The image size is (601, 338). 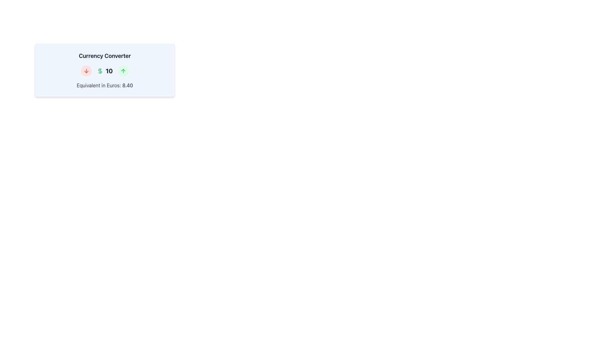 What do you see at coordinates (105, 71) in the screenshot?
I see `the numeric value display element in the currency converter that shows the current or selected monetary amount, positioned centrally between the downward red arrow button and the upward green arrow button` at bounding box center [105, 71].